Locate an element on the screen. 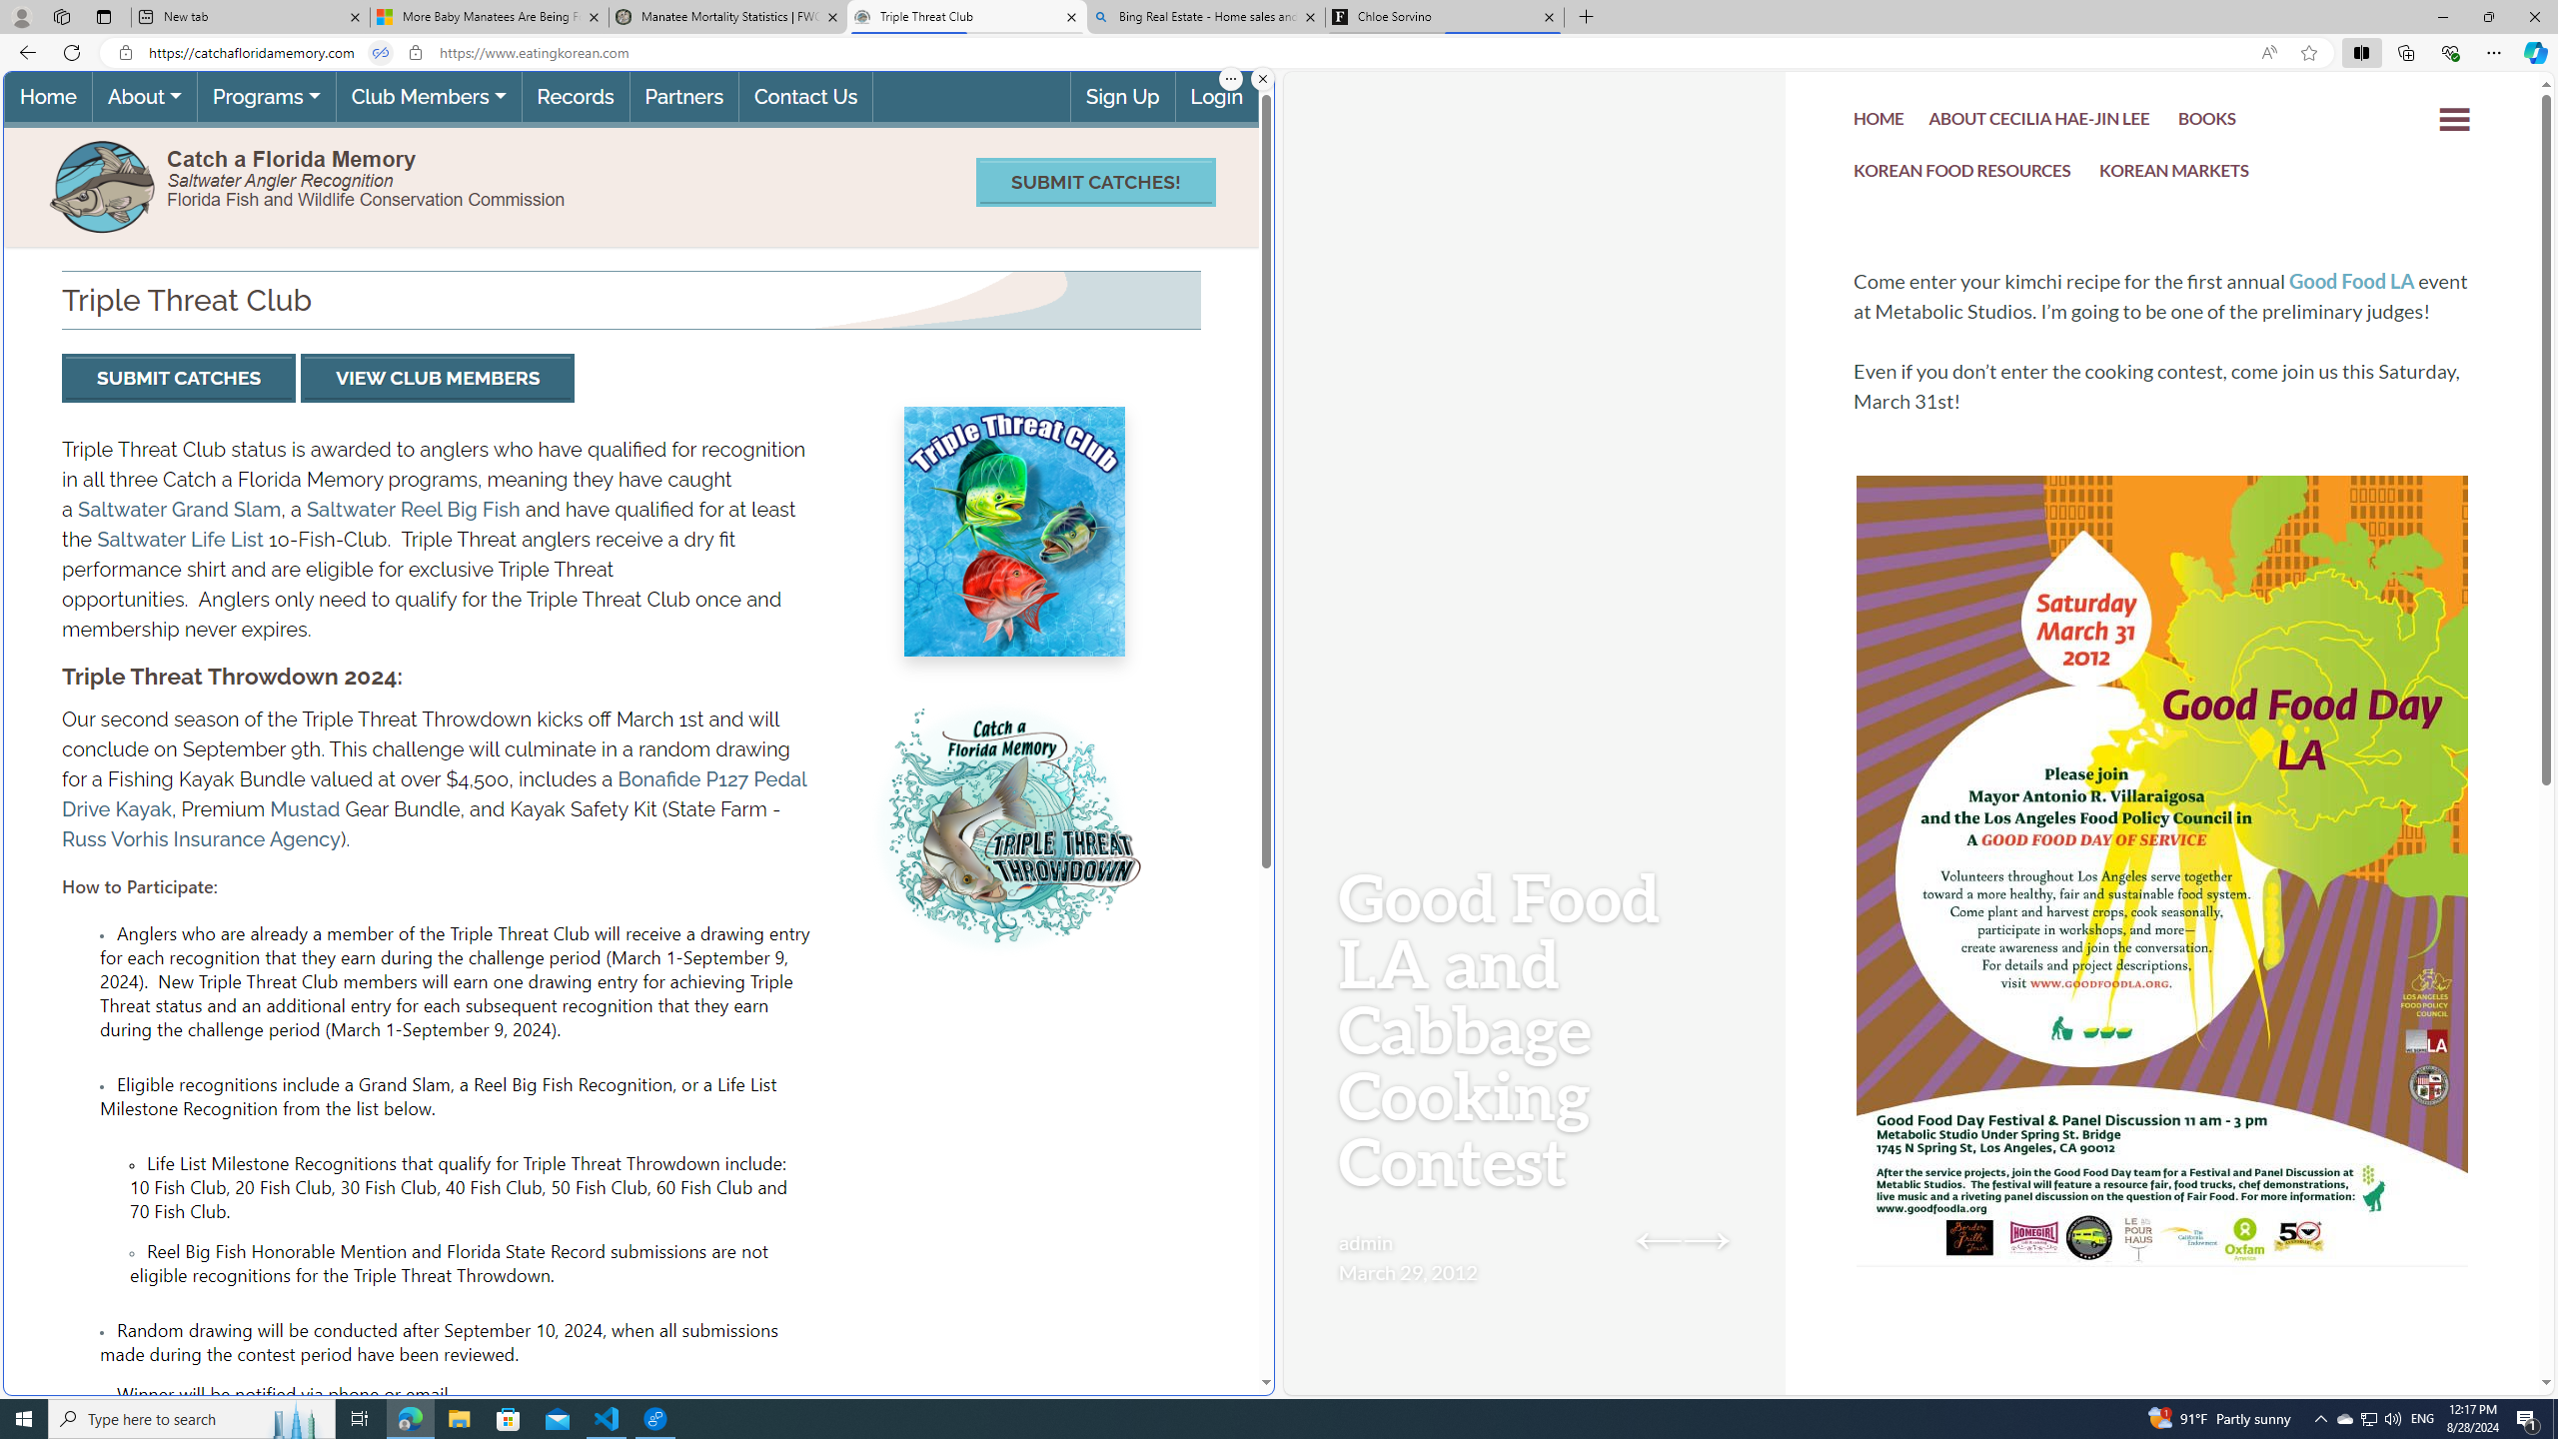 Image resolution: width=2558 pixels, height=1439 pixels. 'Home(current)' is located at coordinates (48, 96).